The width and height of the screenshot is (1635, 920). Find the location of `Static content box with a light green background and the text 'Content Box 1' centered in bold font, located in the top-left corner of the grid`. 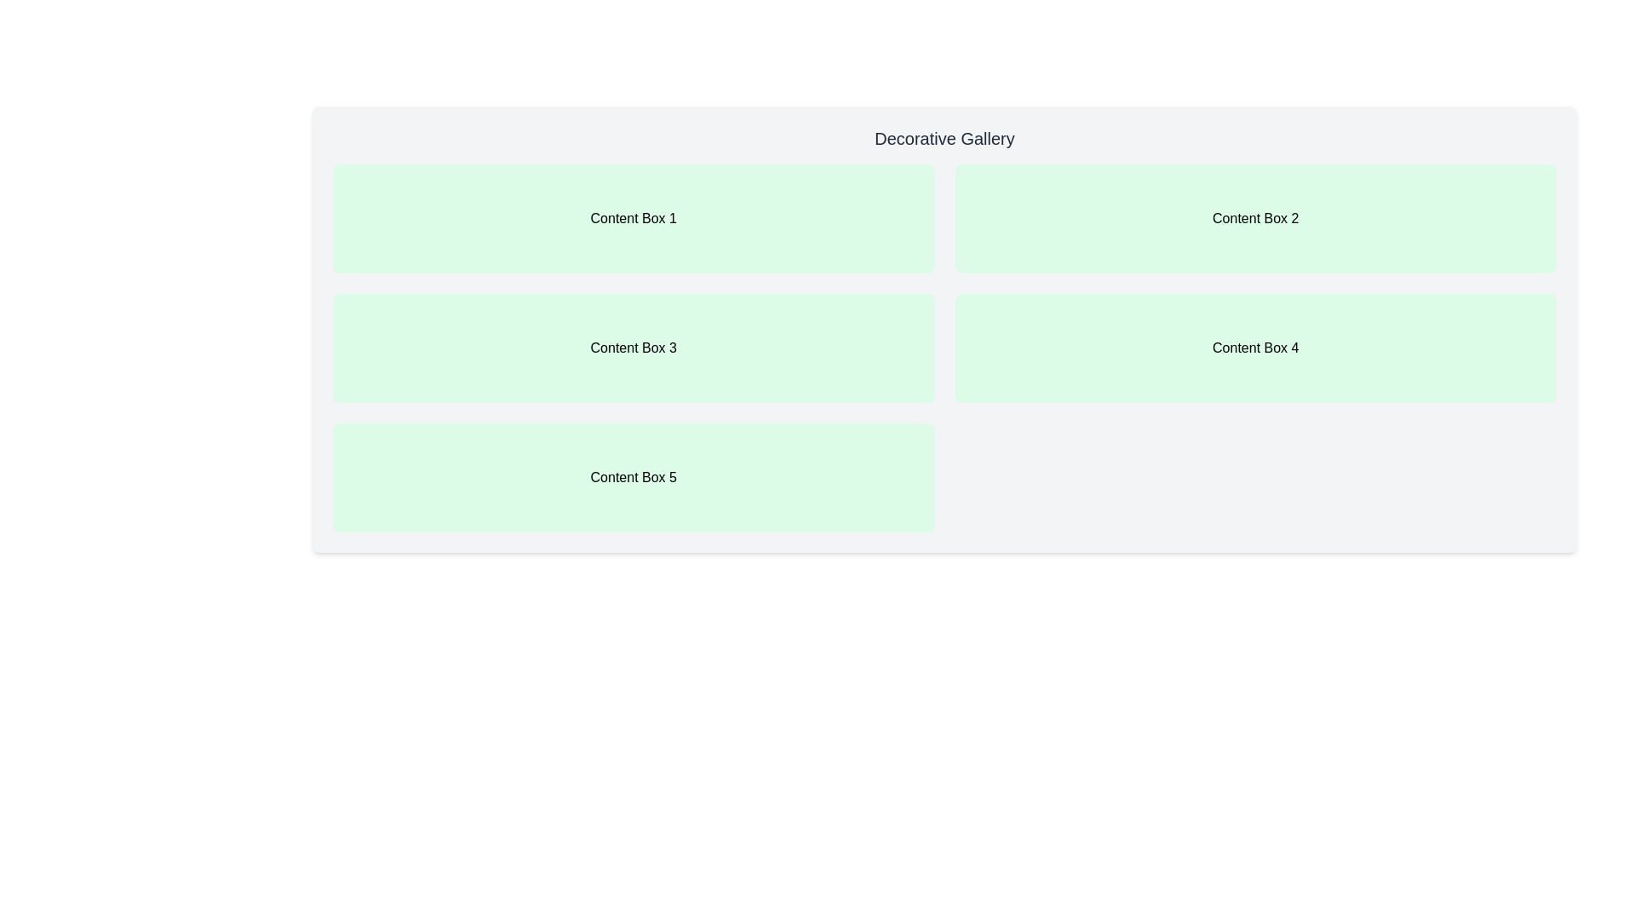

Static content box with a light green background and the text 'Content Box 1' centered in bold font, located in the top-left corner of the grid is located at coordinates (633, 218).